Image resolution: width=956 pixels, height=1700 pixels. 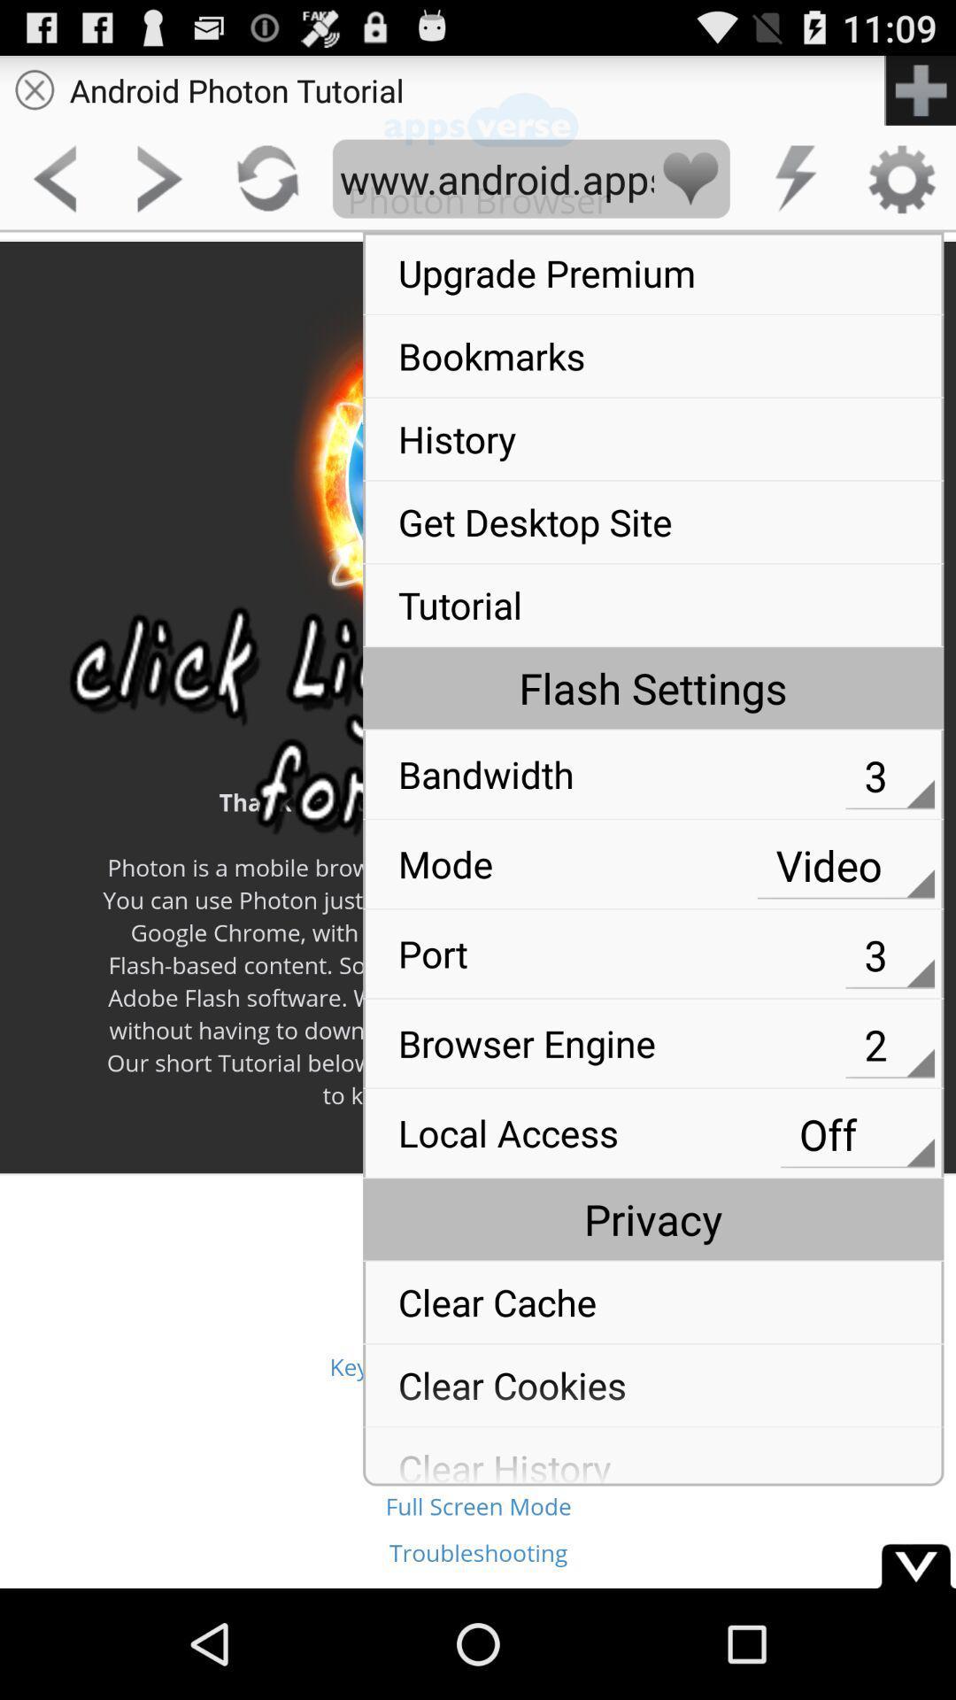 I want to click on the refresh icon, so click(x=266, y=191).